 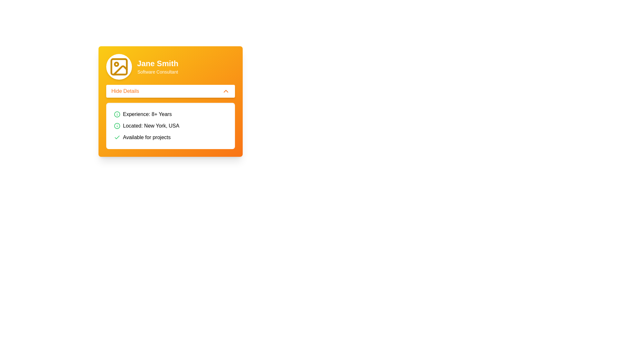 What do you see at coordinates (170, 114) in the screenshot?
I see `the static informational text element that conveys the user's experience level in years, located in the top part of the user details section` at bounding box center [170, 114].